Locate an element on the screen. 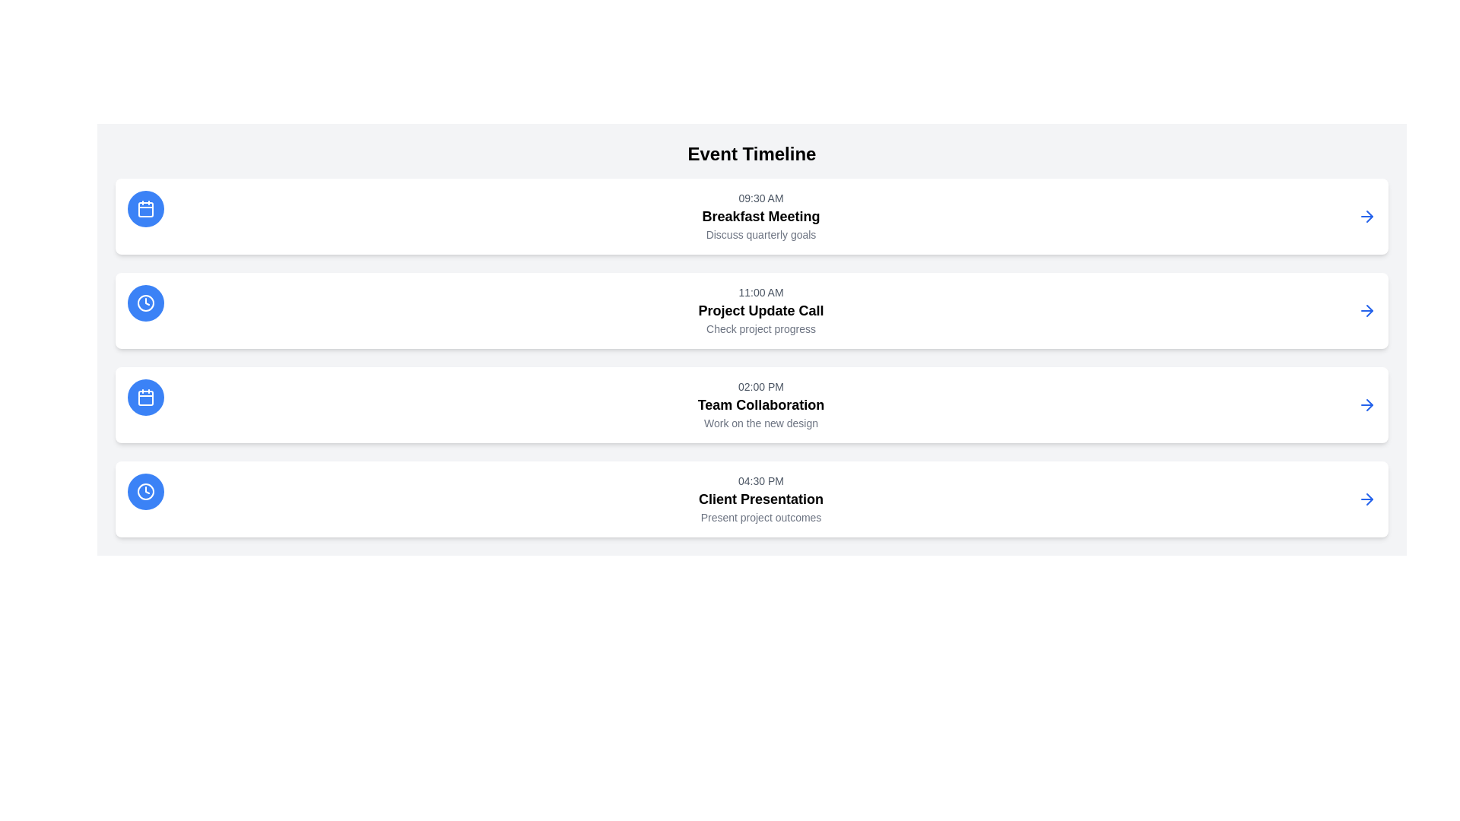 This screenshot has width=1460, height=821. the navigational arrow icon located at the bottom-most event card on the right edge is located at coordinates (1367, 499).